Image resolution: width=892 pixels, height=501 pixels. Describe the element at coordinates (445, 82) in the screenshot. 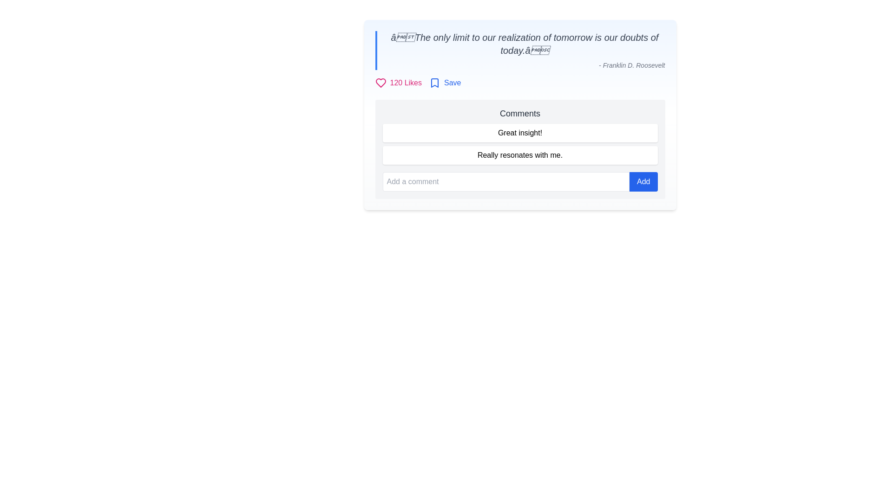

I see `the save button located to the right of the '120 Likes' section, which allows users` at that location.